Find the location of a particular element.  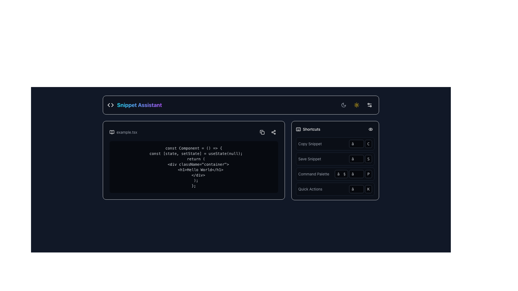

the text label reading 'Quick Actions' which is styled in a small, light gray font against a dark background, located near the bottom-right corner of the interface is located at coordinates (310, 189).